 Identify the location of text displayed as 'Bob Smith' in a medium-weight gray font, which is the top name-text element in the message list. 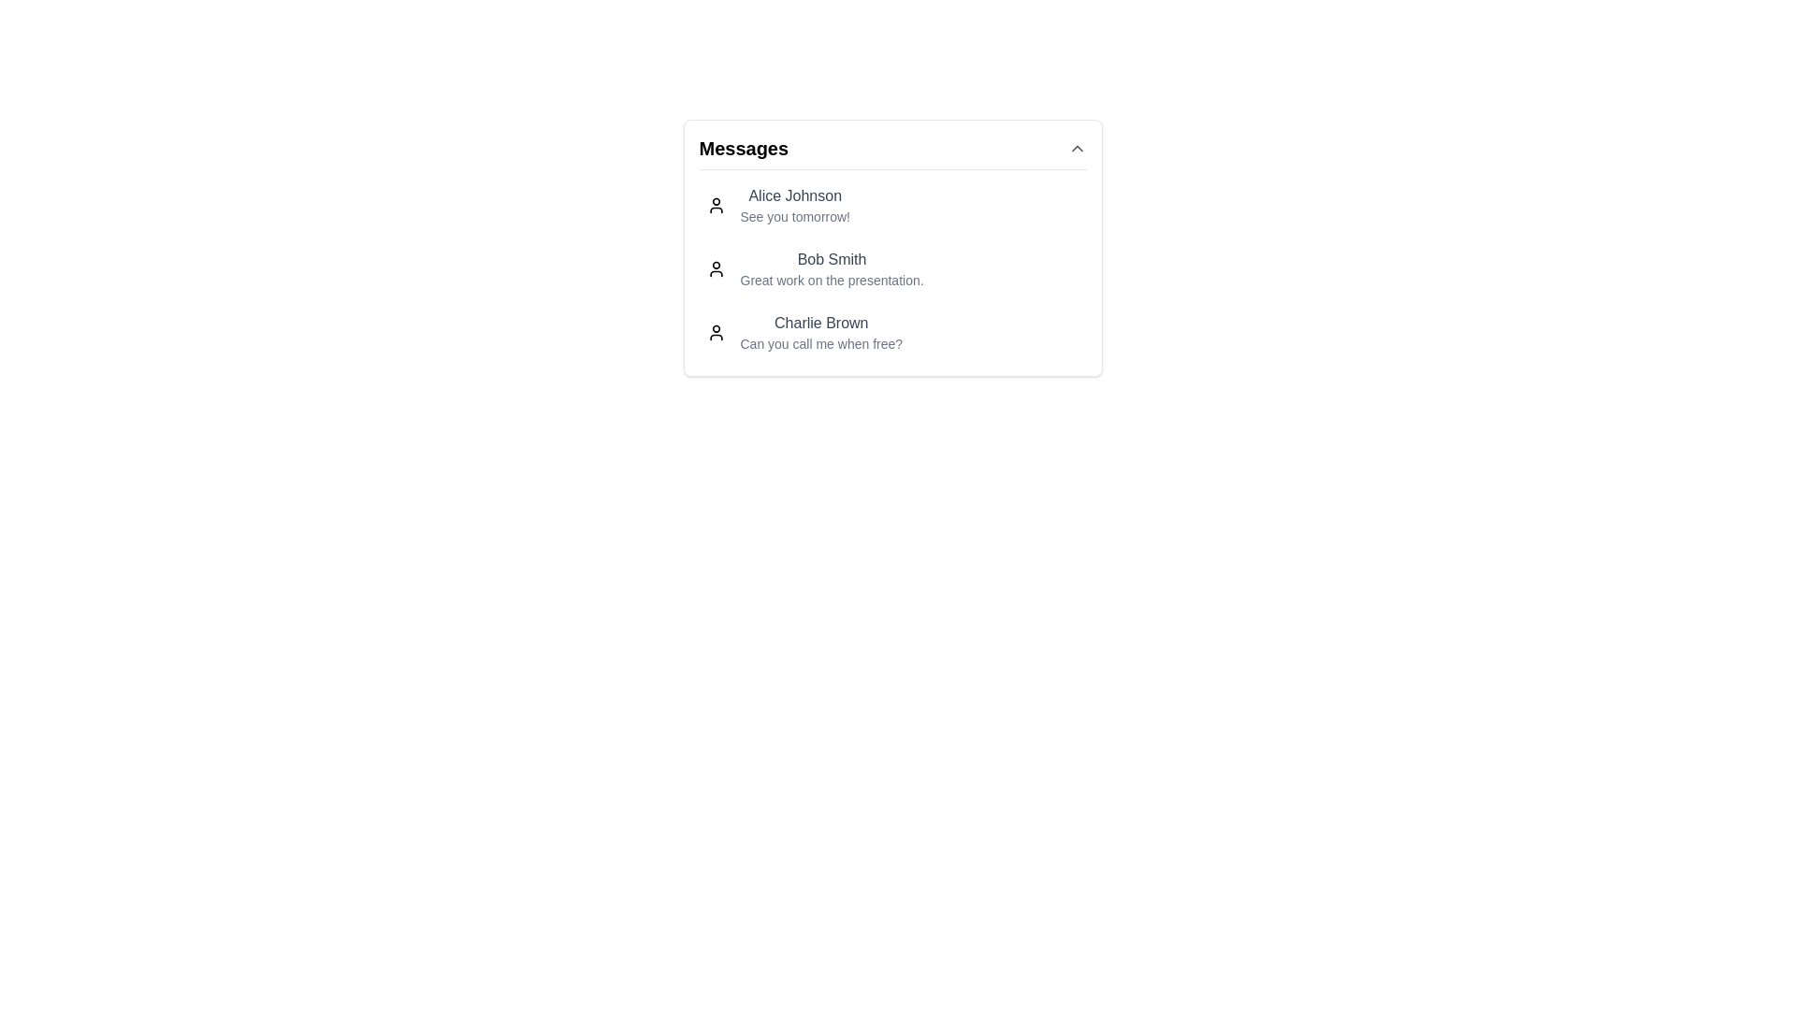
(831, 259).